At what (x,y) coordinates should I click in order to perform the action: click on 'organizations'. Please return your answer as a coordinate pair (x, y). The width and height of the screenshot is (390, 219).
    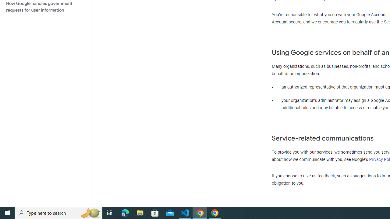
    Looking at the image, I should click on (296, 66).